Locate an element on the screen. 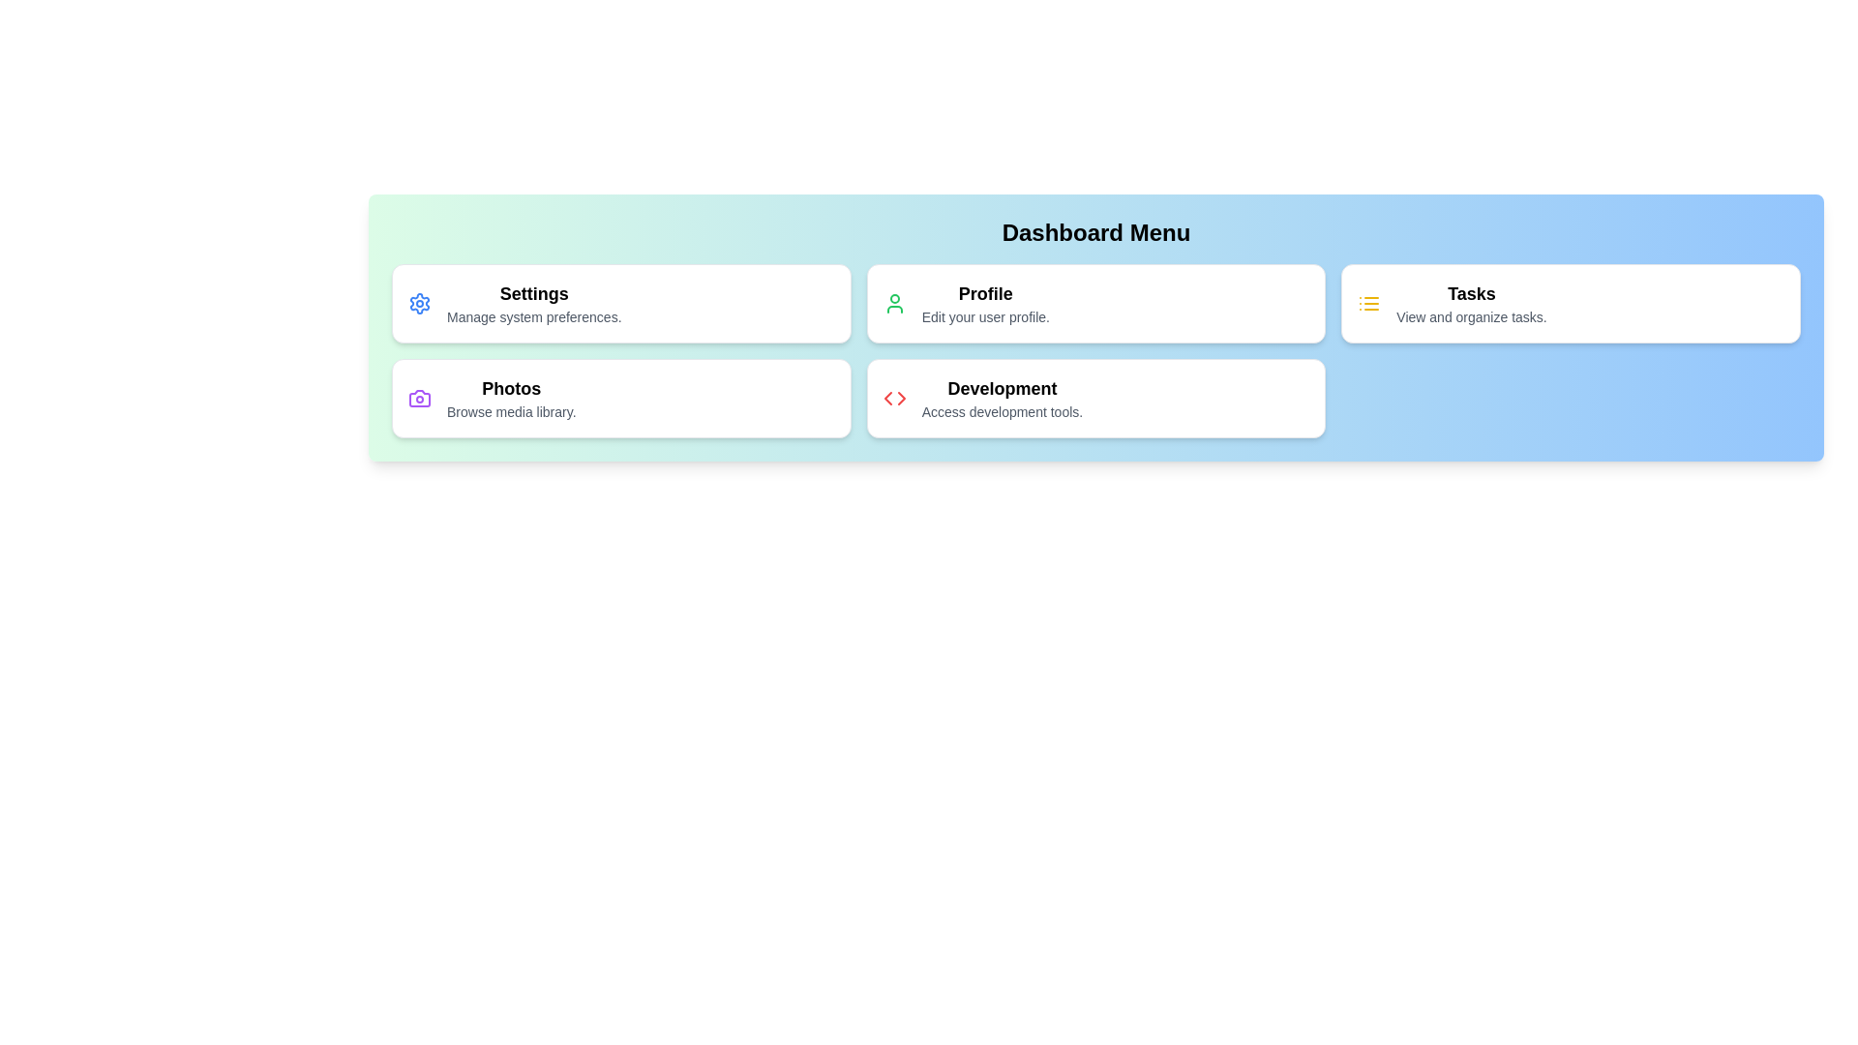 Image resolution: width=1858 pixels, height=1045 pixels. the menu item corresponding to Settings is located at coordinates (621, 303).